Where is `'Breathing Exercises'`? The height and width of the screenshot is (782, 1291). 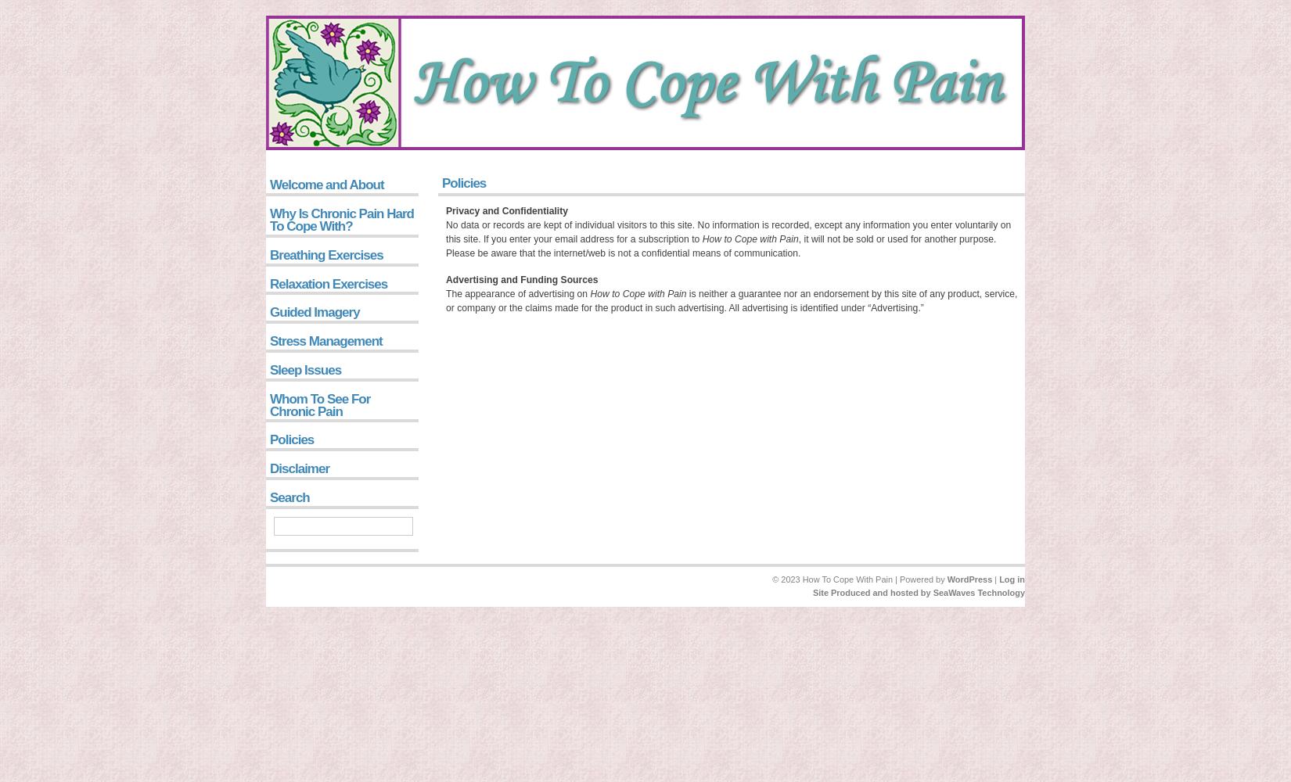
'Breathing Exercises' is located at coordinates (325, 253).